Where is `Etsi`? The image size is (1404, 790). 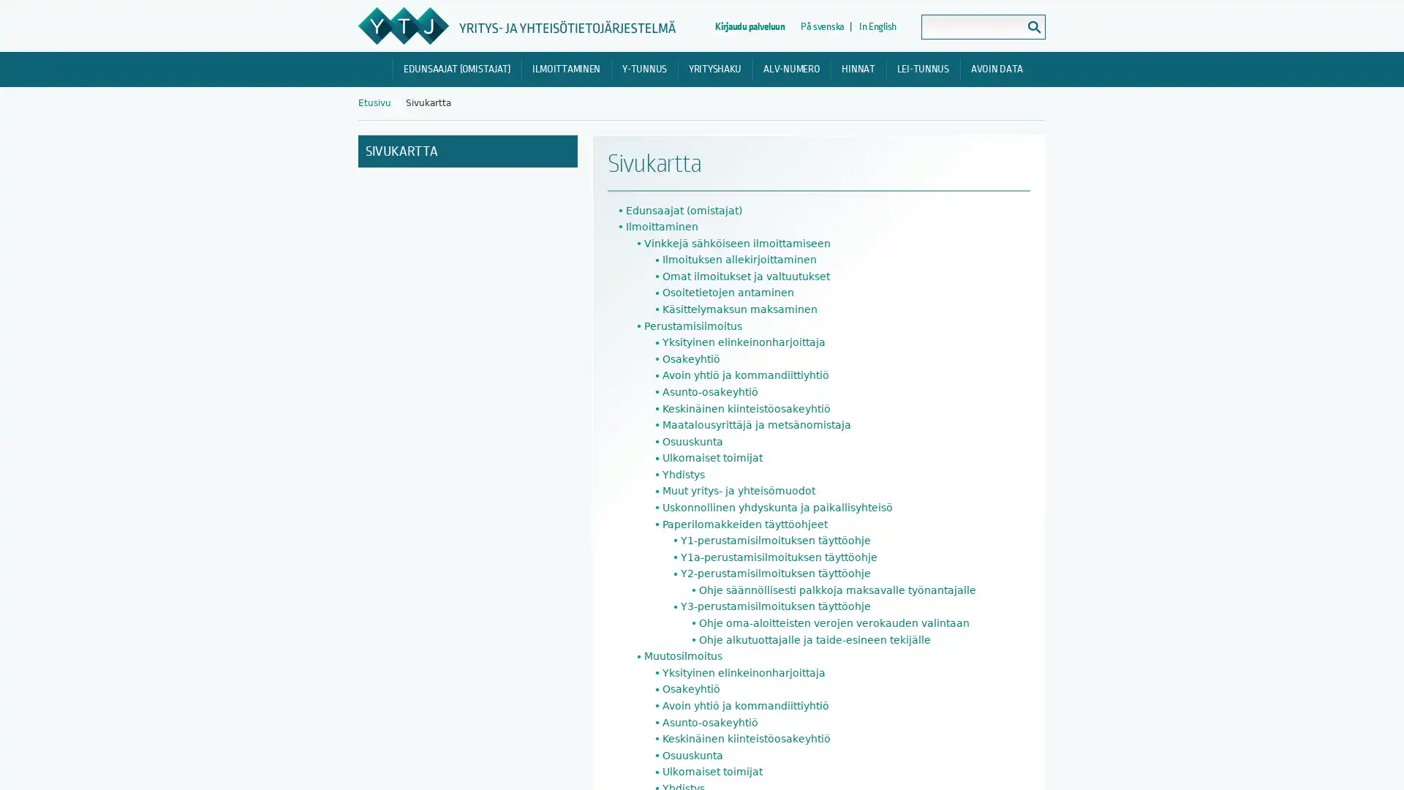
Etsi is located at coordinates (1033, 27).